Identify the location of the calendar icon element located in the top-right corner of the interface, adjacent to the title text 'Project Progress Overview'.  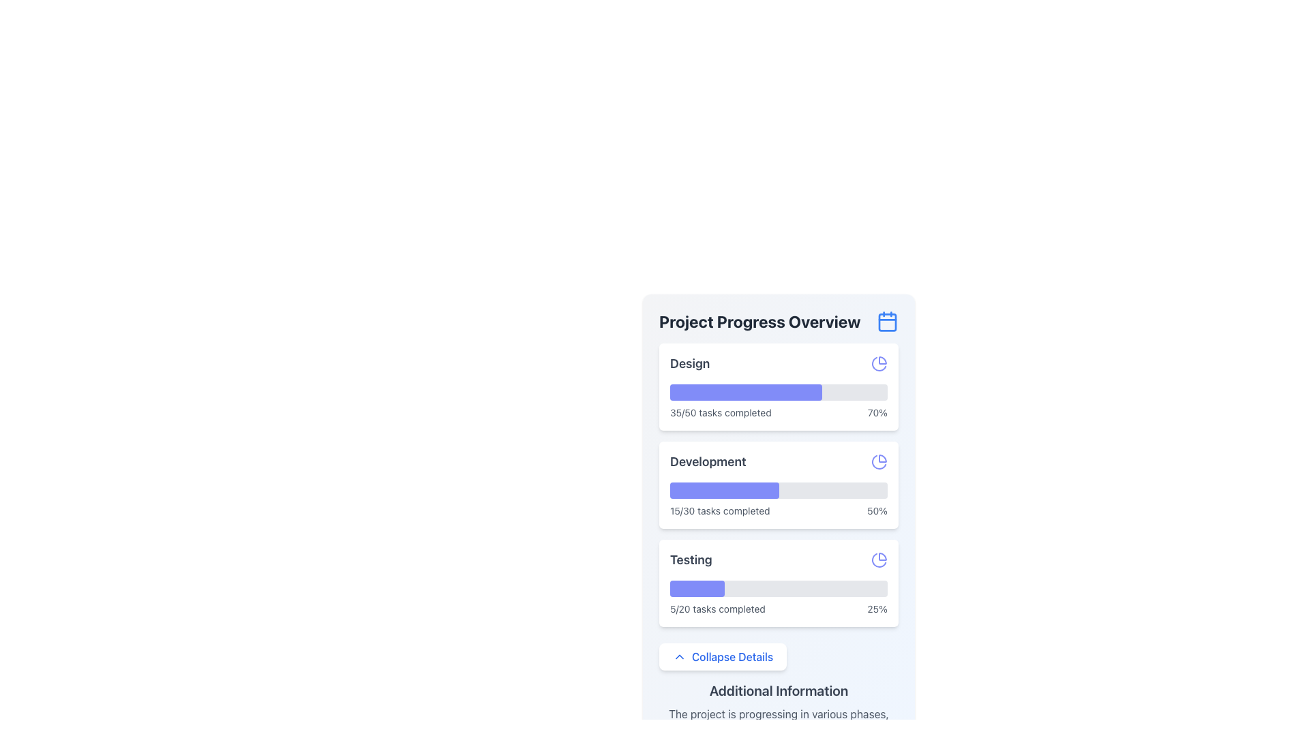
(887, 322).